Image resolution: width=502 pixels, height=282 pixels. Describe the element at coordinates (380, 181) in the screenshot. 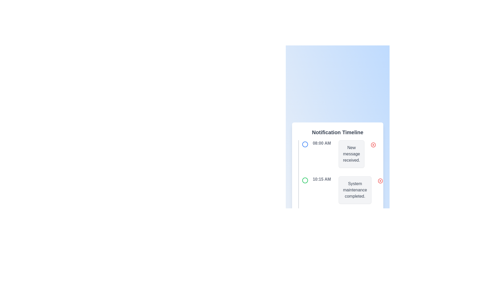

I see `the dismiss button located in the notification timeline interface, which is horizontally aligned to the right of the notification text box reading 'System maintenance completed.'` at that location.